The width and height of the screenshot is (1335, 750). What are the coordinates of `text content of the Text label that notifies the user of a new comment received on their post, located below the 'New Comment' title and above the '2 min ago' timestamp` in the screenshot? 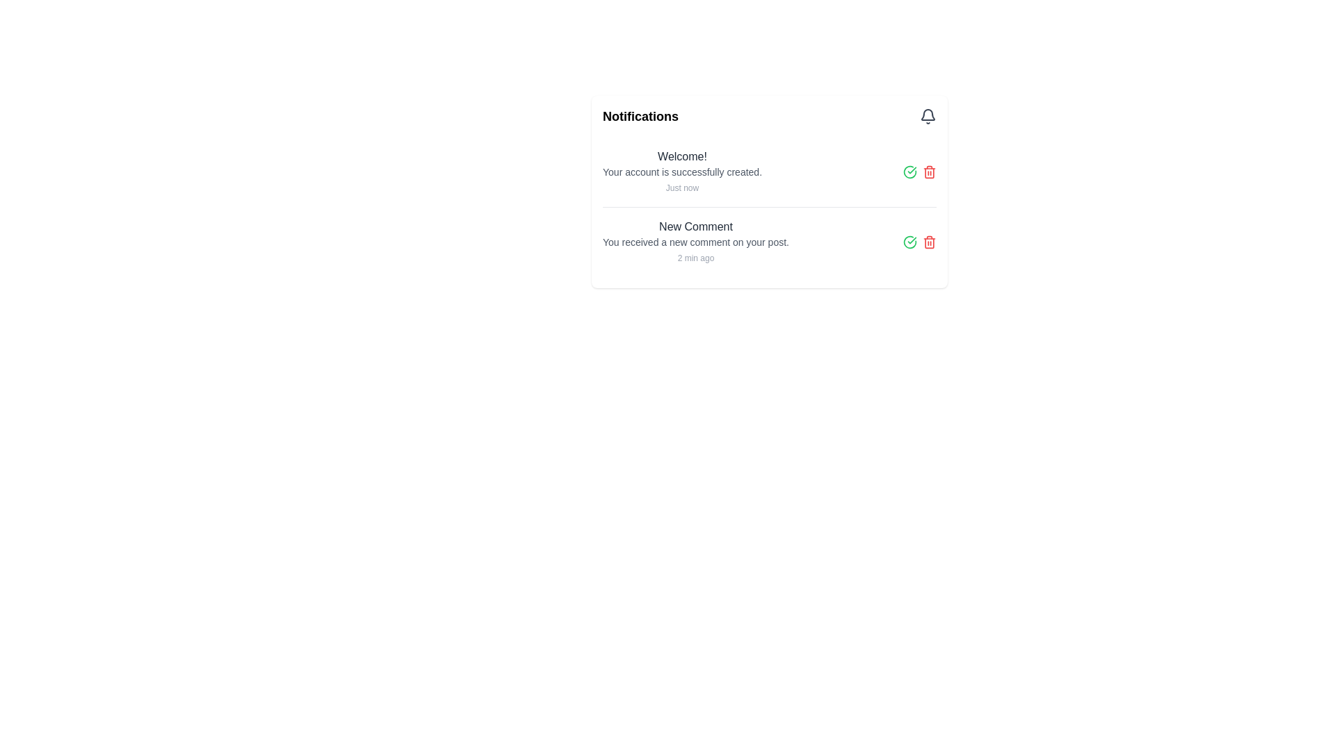 It's located at (695, 241).